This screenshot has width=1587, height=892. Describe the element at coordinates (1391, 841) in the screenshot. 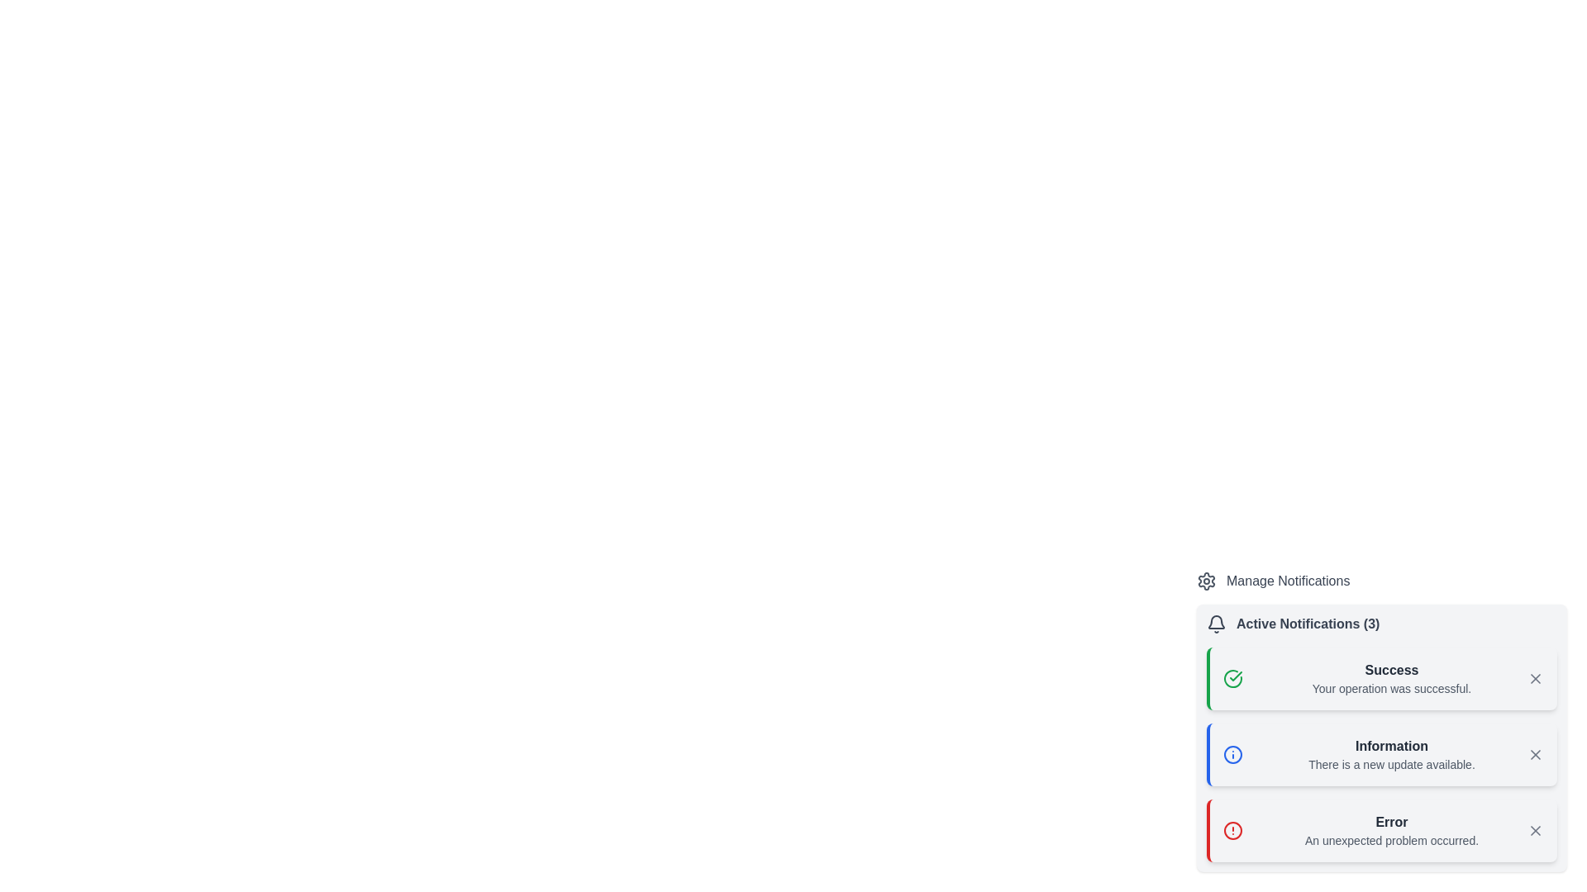

I see `the error message text label located directly beneath the 'Error' header in the notification area` at that location.